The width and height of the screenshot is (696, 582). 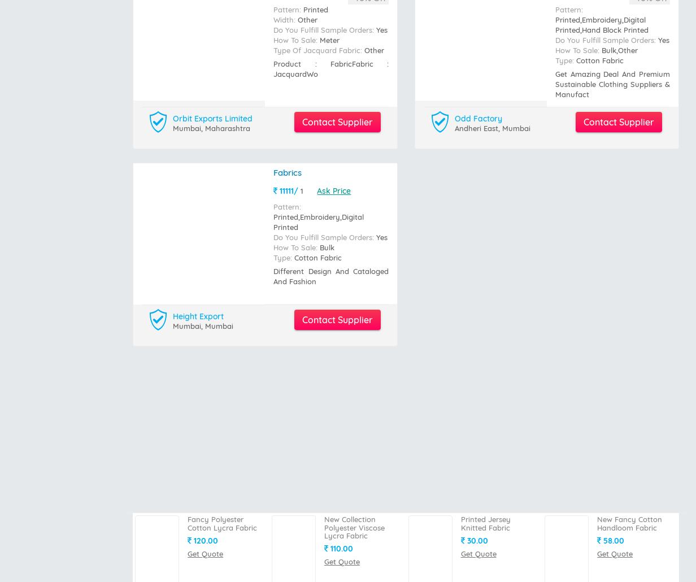 What do you see at coordinates (383, 493) in the screenshot?
I see `'No. 13, Panchan Rattan Complex, Ludhiana, Punjab, India'` at bounding box center [383, 493].